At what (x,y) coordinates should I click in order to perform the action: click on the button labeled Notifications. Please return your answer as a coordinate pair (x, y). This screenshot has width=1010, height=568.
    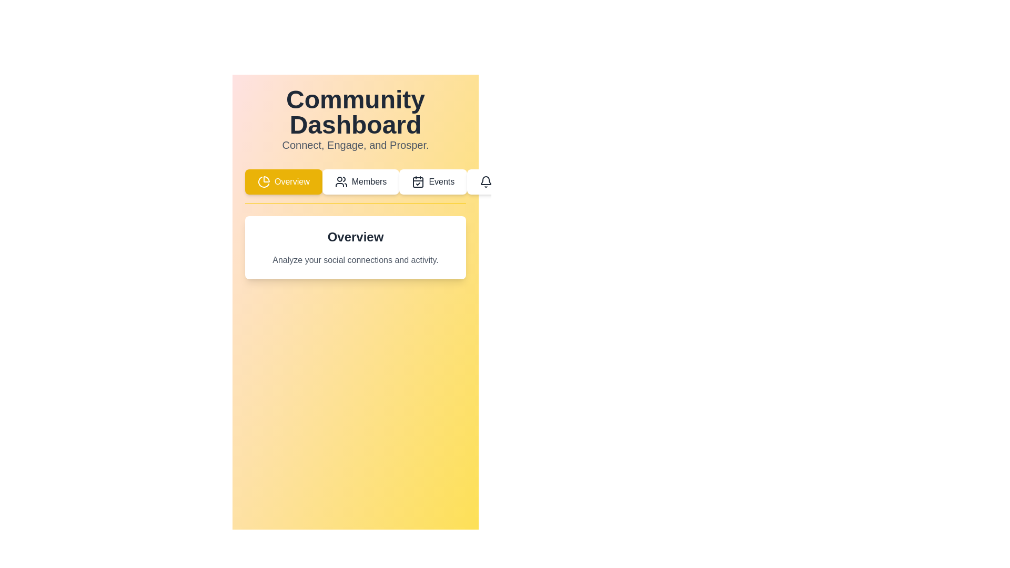
    Looking at the image, I should click on (511, 181).